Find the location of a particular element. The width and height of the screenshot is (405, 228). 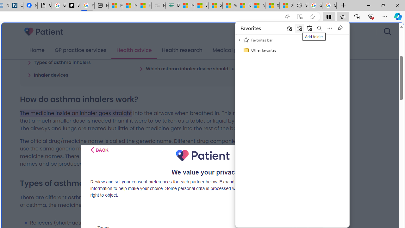

'Health research' is located at coordinates (182, 50).